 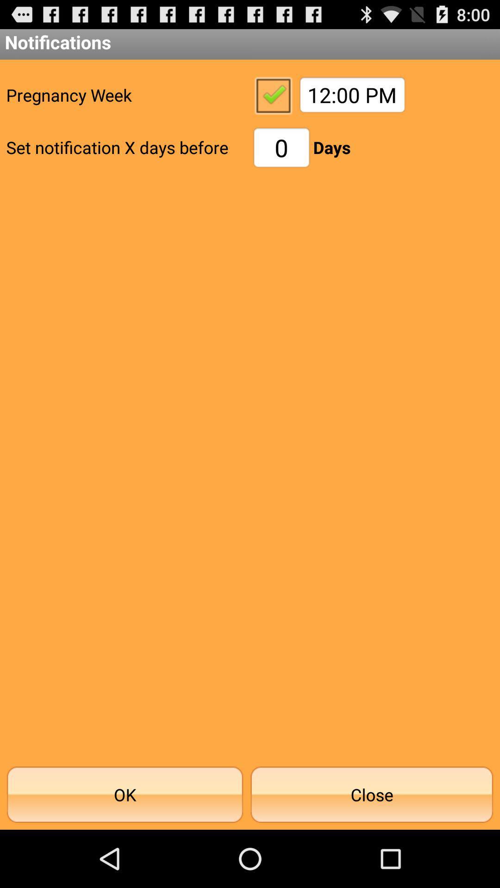 I want to click on the app next to 12:00 pm icon, so click(x=272, y=95).